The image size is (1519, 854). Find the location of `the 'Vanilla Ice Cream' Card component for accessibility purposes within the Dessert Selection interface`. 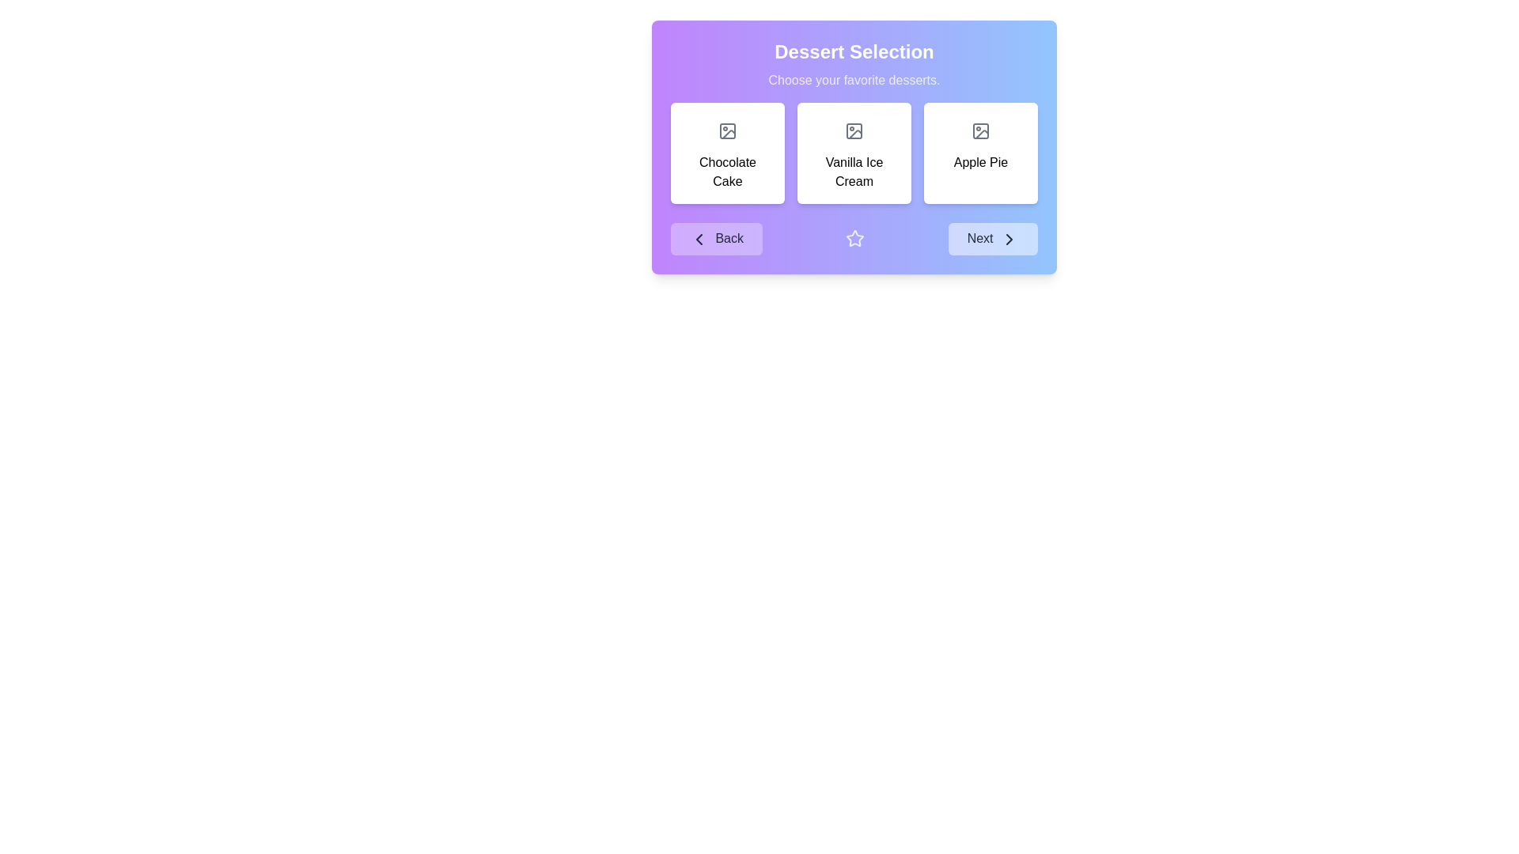

the 'Vanilla Ice Cream' Card component for accessibility purposes within the Dessert Selection interface is located at coordinates (854, 153).